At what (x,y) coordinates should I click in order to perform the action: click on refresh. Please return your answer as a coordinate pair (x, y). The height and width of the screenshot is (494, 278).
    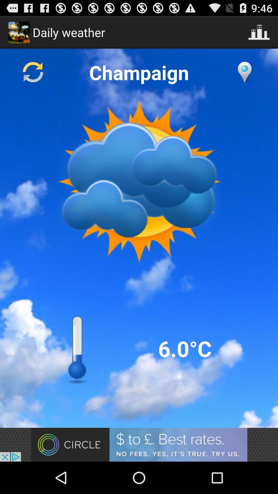
    Looking at the image, I should click on (33, 72).